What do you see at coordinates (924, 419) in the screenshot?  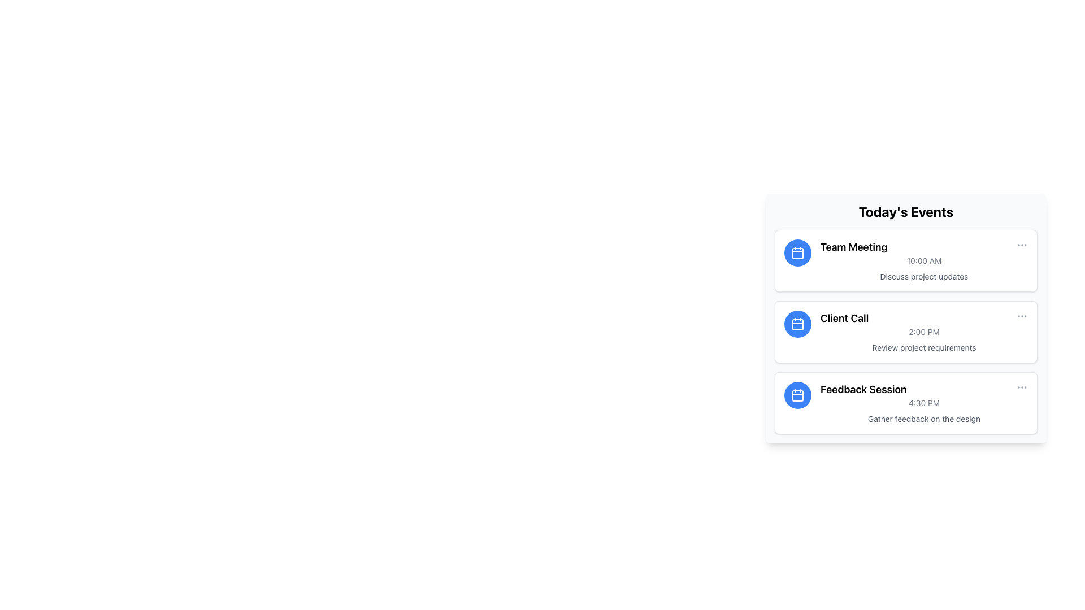 I see `the static text label that reads 'Gather feedback on the design', located below the time label '4:30 PM' in the third event entry of the 'Feedback Session' event card` at bounding box center [924, 419].